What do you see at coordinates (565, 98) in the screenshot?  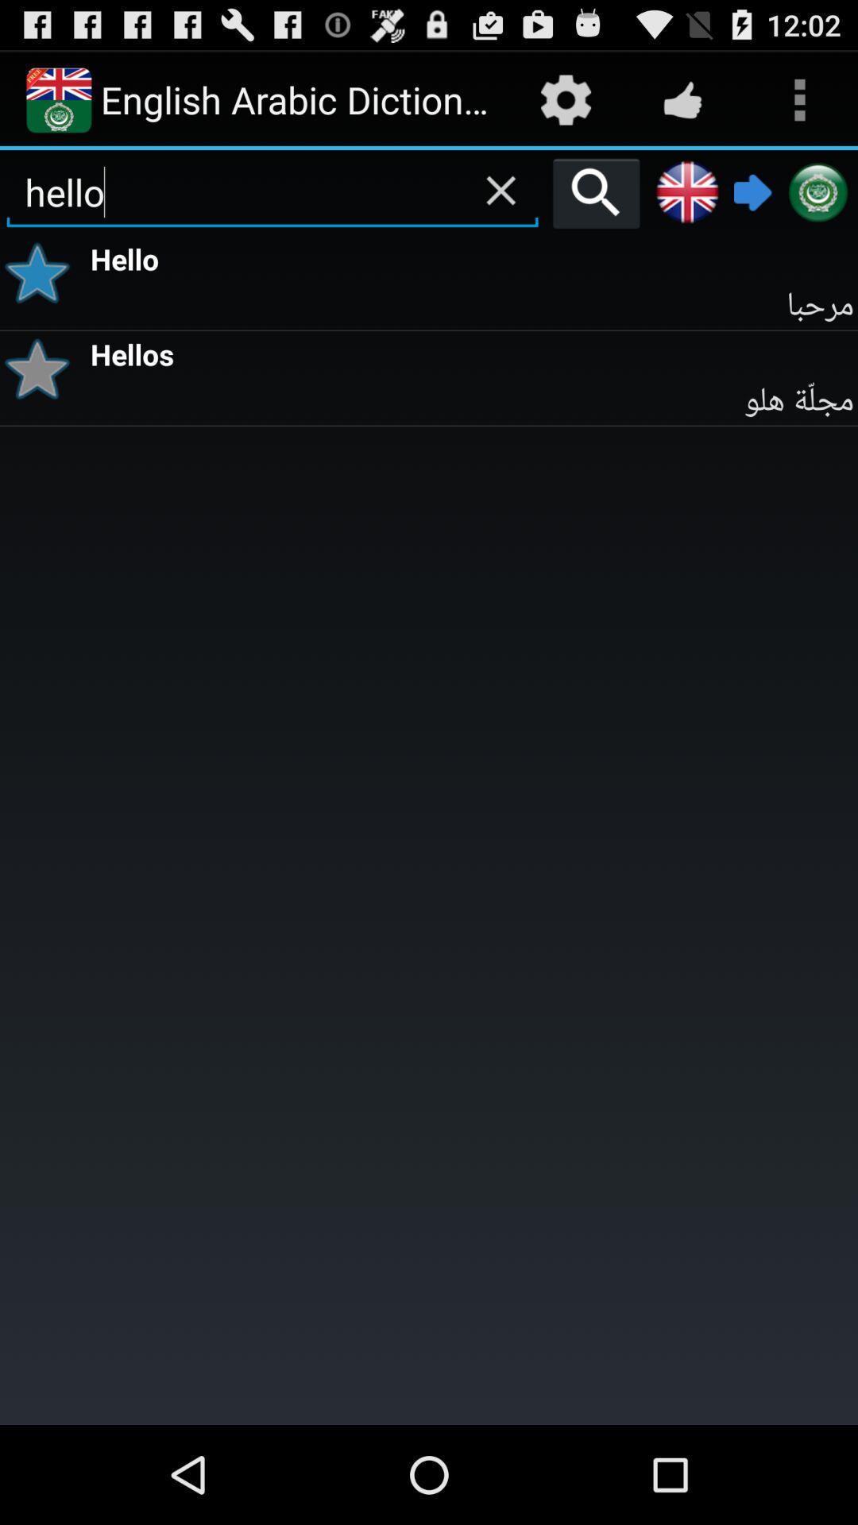 I see `the icon next to the english arabic dictionary icon` at bounding box center [565, 98].